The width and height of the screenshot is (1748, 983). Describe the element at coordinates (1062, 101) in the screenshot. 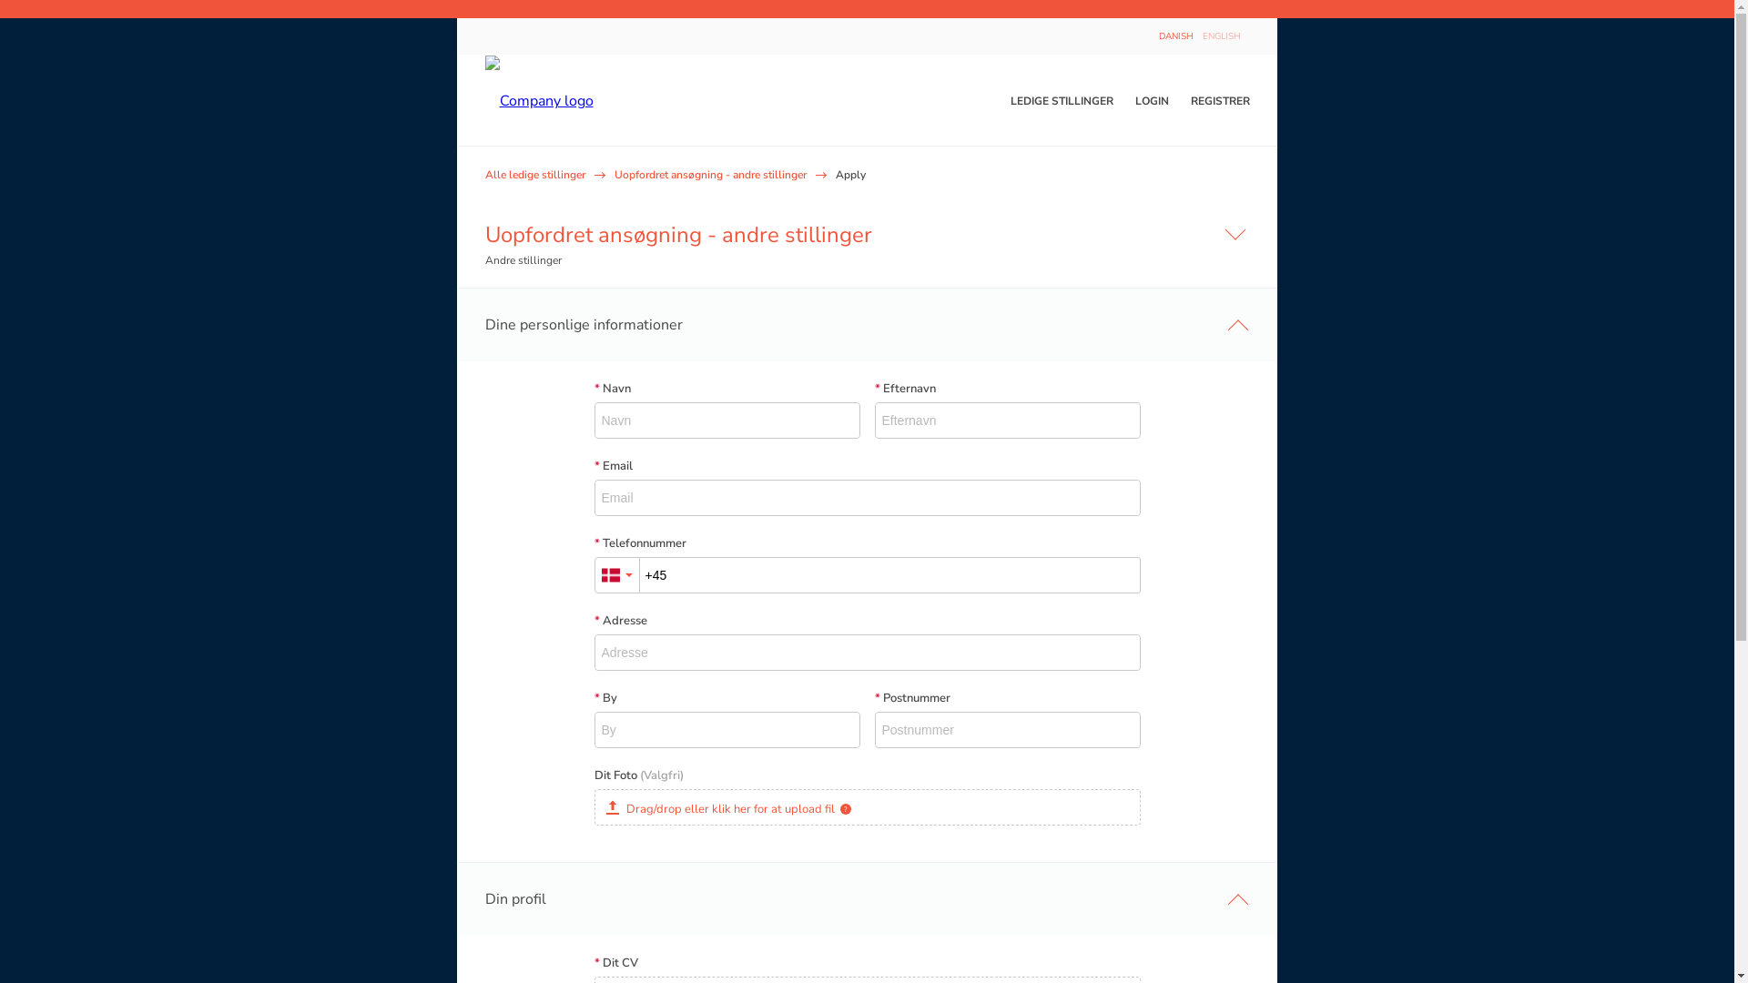

I see `'LEDIGE STILLINGER'` at that location.